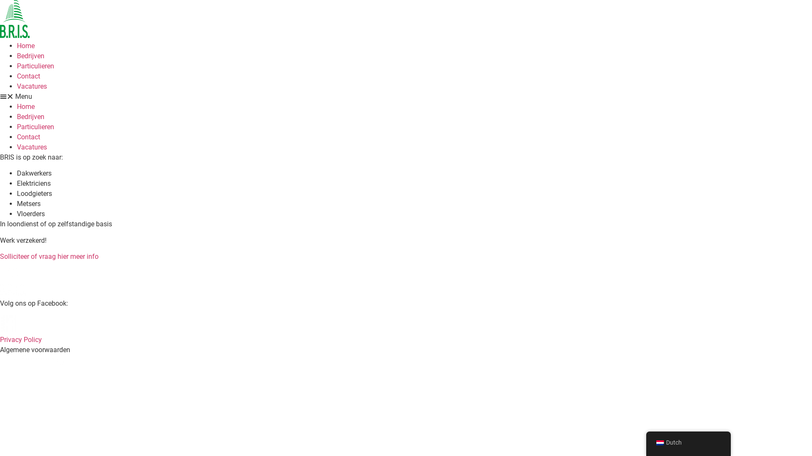 This screenshot has width=812, height=456. I want to click on 'Contact', so click(28, 136).